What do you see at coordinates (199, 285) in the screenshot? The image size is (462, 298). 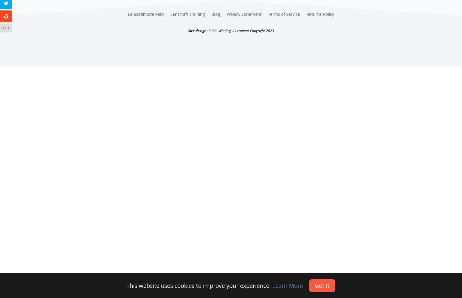 I see `'This website uses cookies to improve your experience.'` at bounding box center [199, 285].